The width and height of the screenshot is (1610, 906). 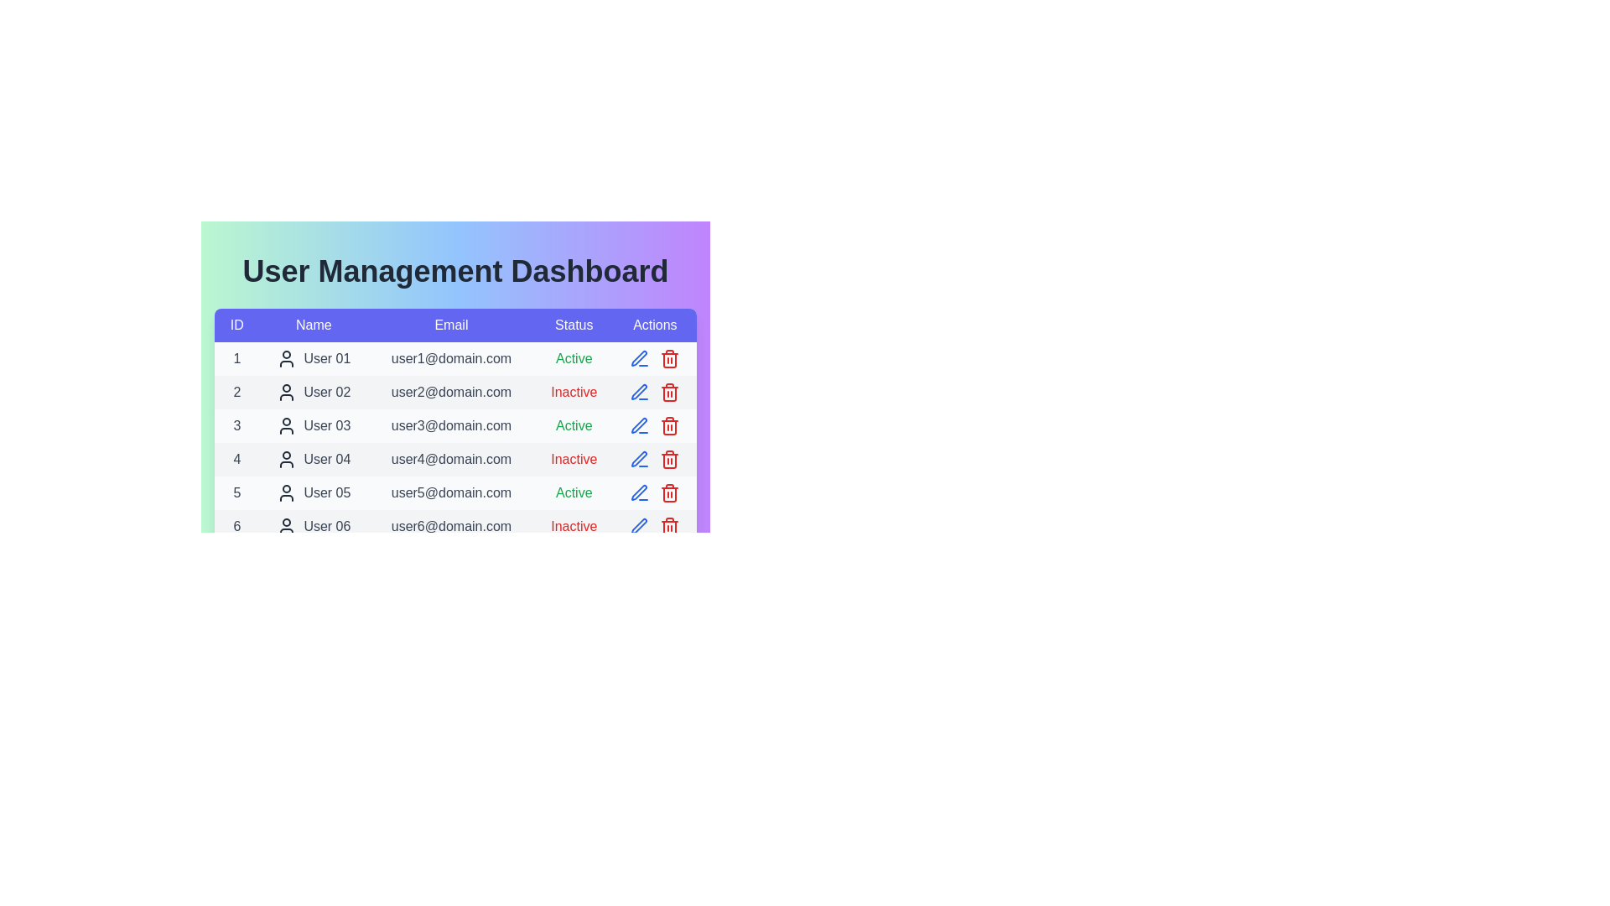 I want to click on the delete icon for user with ID 11, so click(x=669, y=695).